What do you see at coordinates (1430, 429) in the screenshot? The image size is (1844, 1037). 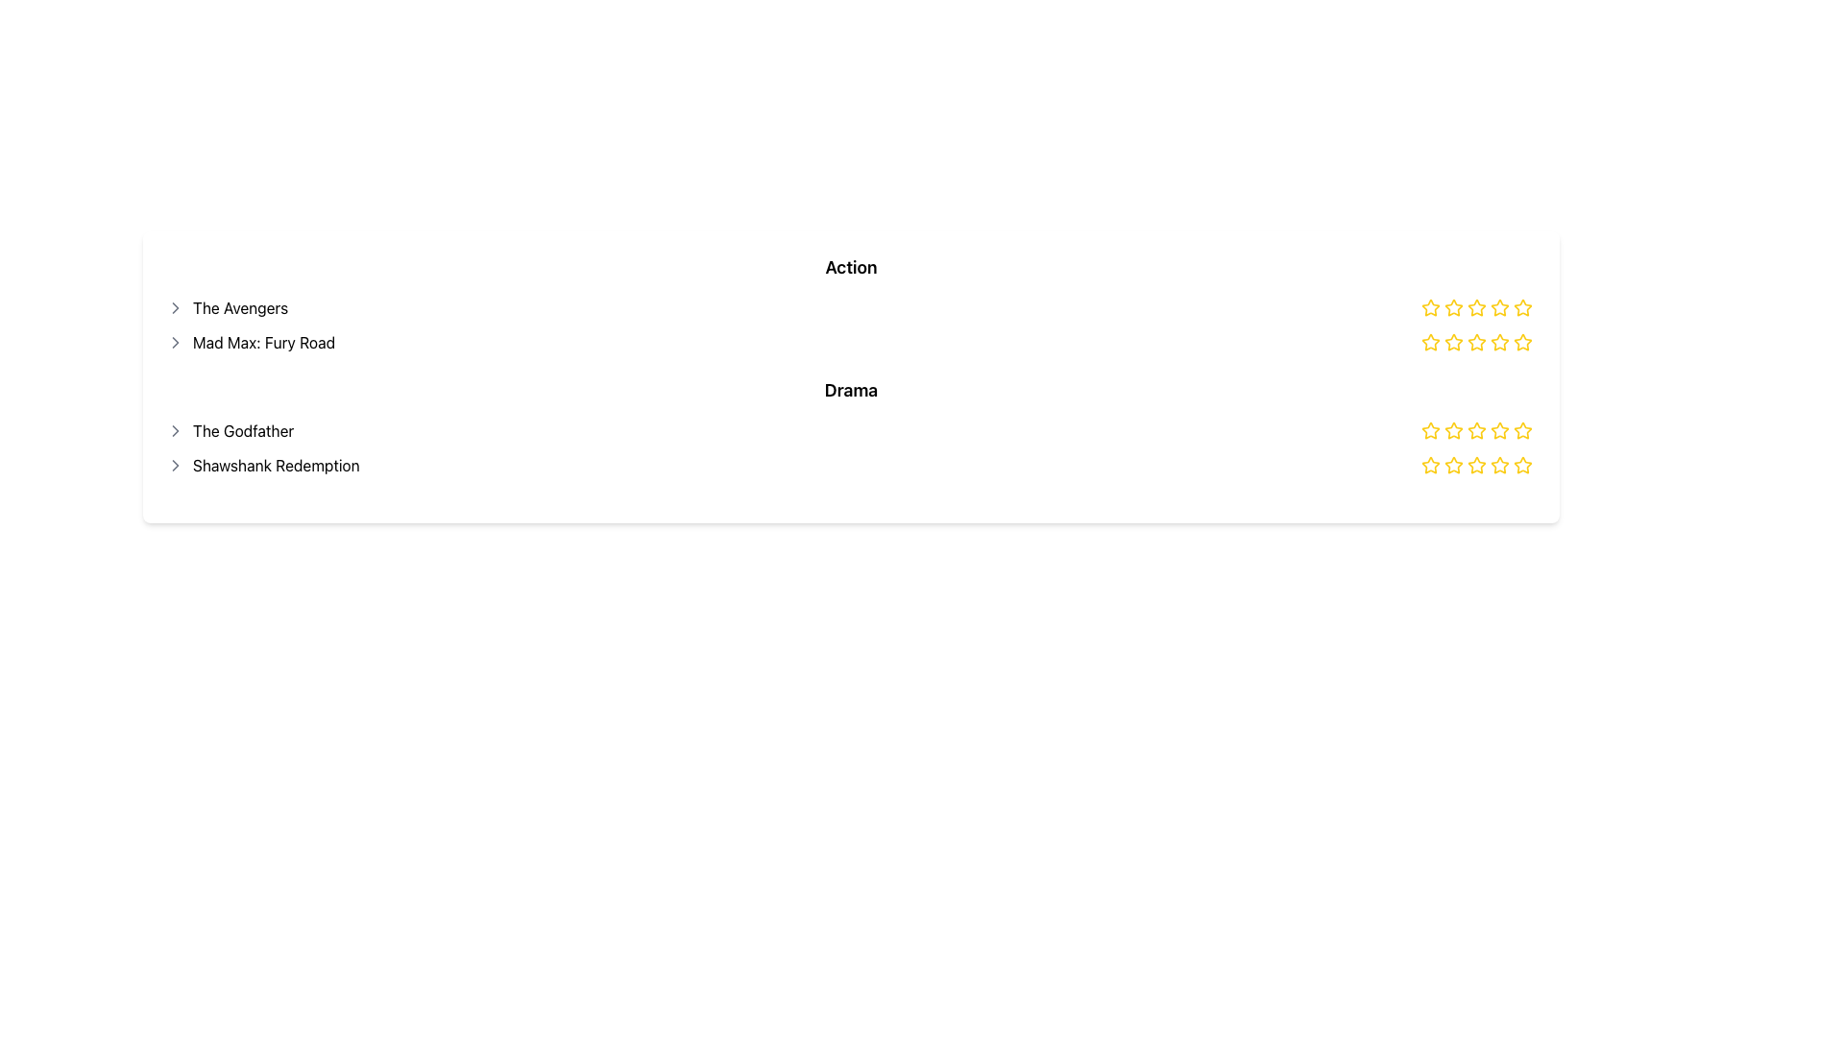 I see `the first yellow star icon in the 'Drama' section next to the title 'The Godfather' to interact with the rating component` at bounding box center [1430, 429].